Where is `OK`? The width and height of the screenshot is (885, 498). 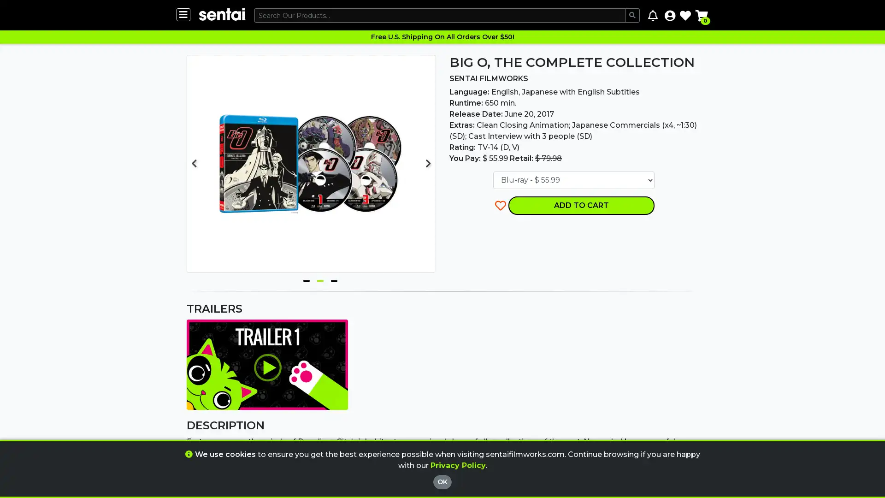
OK is located at coordinates (442, 481).